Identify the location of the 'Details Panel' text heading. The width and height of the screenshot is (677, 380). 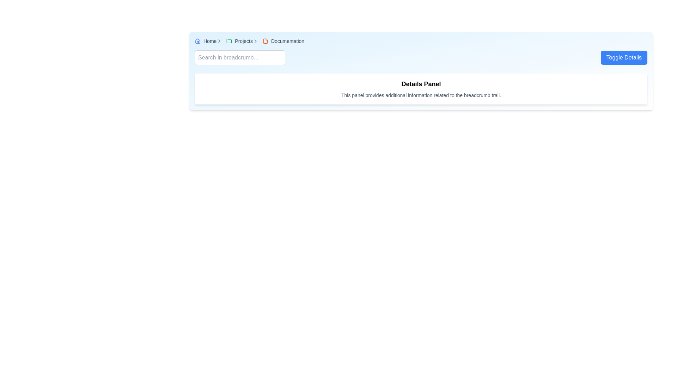
(421, 84).